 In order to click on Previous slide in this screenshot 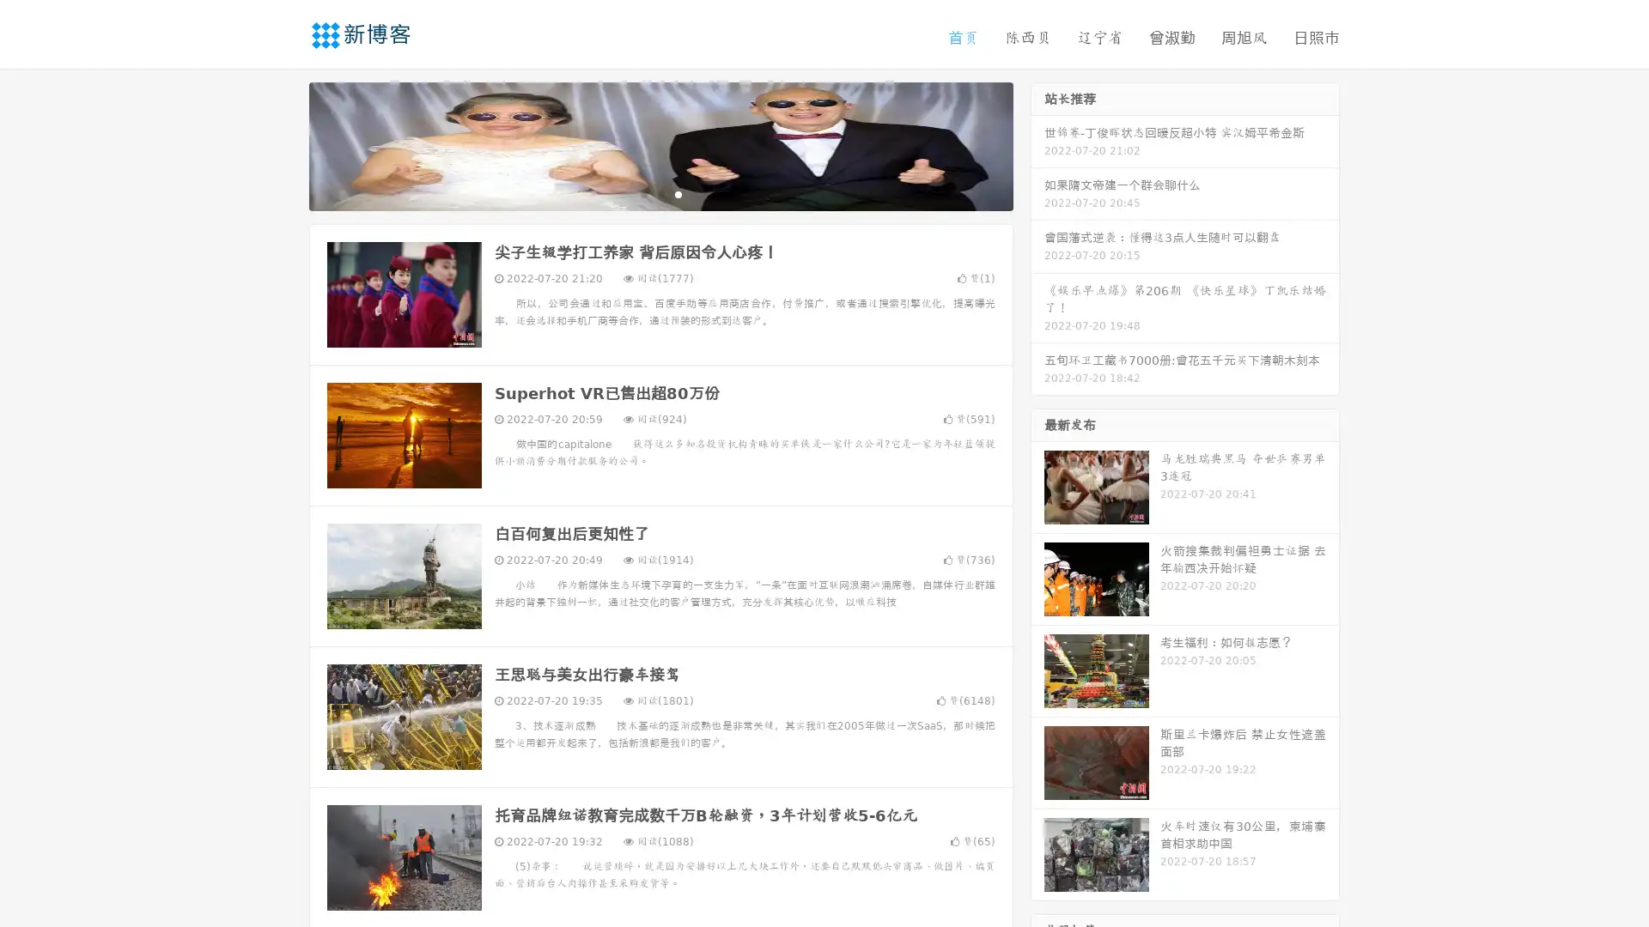, I will do `click(283, 144)`.